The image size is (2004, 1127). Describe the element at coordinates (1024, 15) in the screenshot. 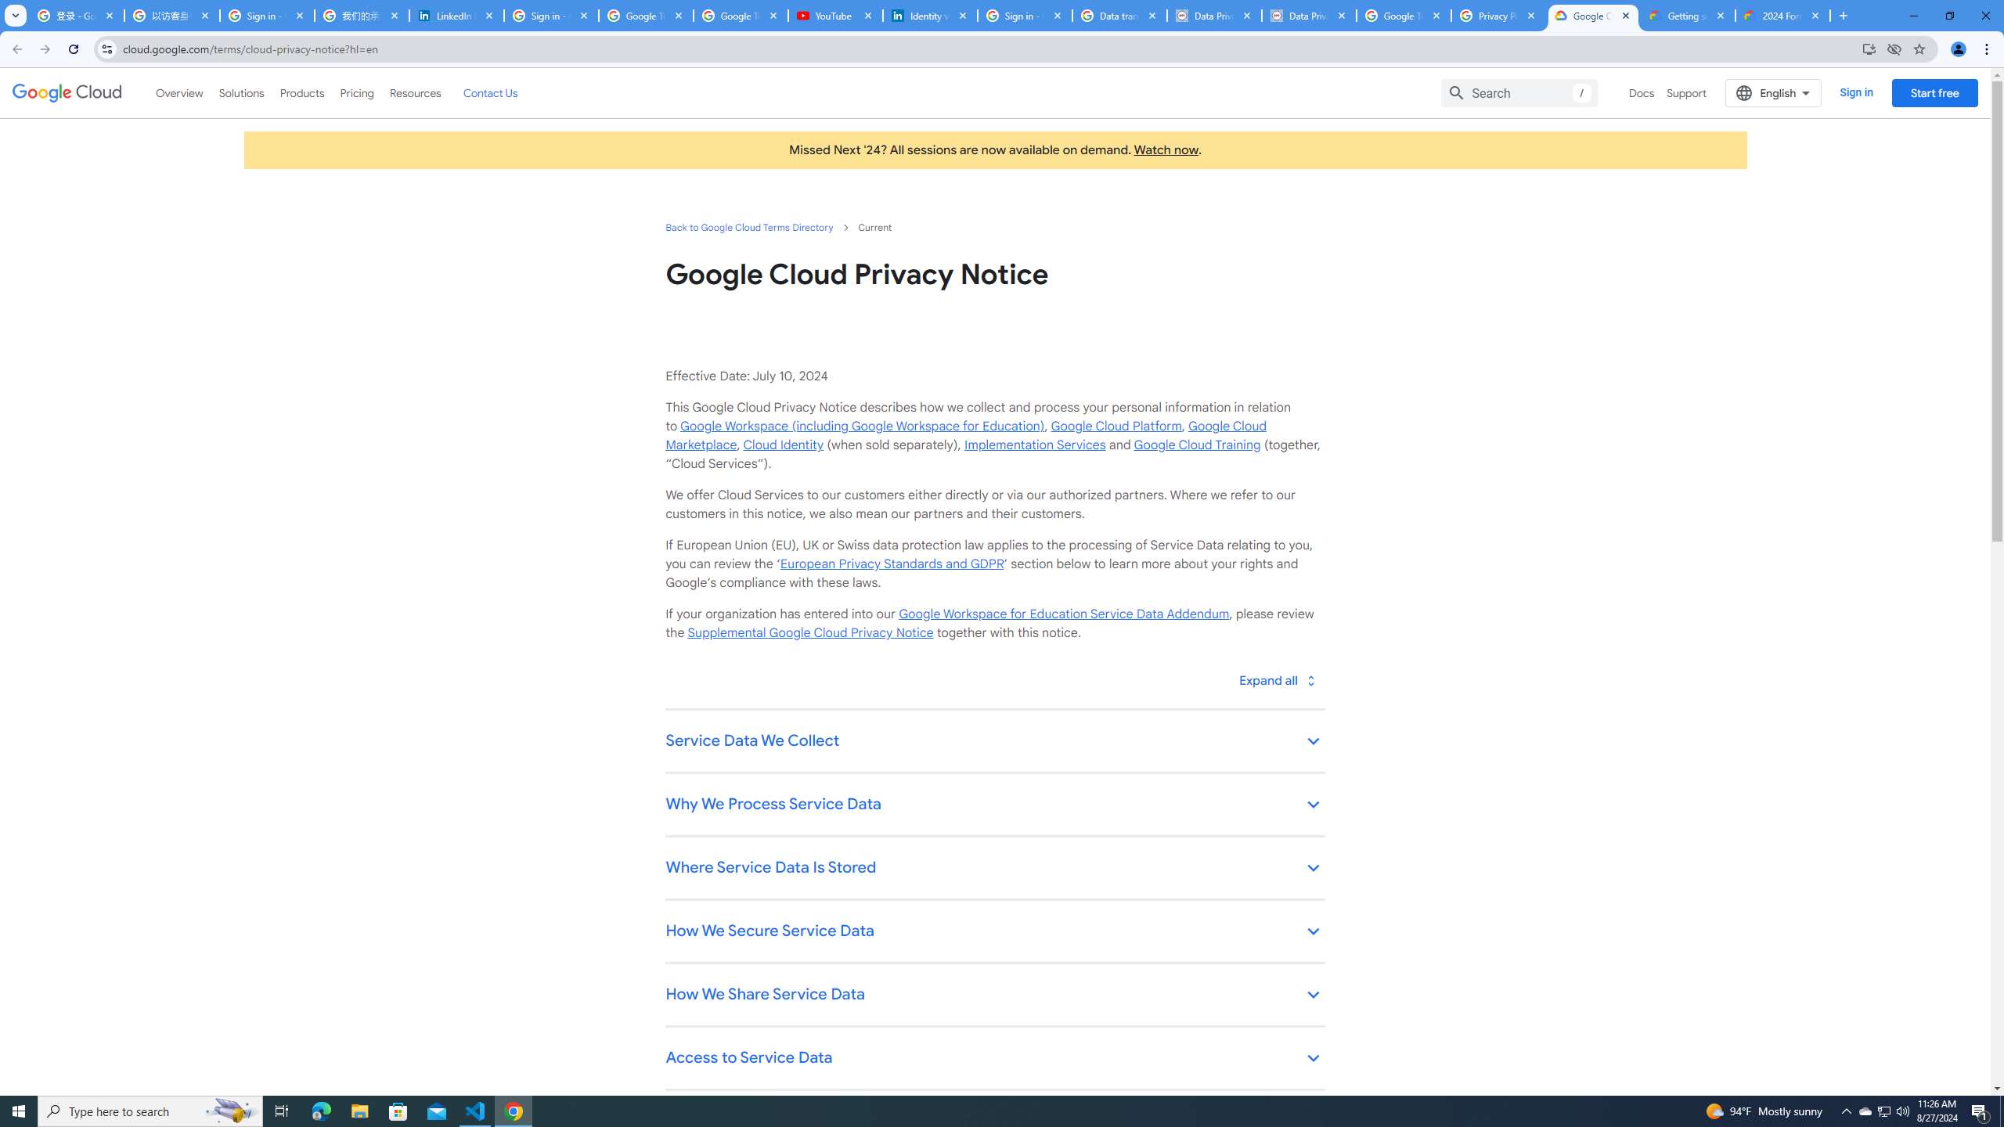

I see `'Sign in - Google Accounts'` at that location.